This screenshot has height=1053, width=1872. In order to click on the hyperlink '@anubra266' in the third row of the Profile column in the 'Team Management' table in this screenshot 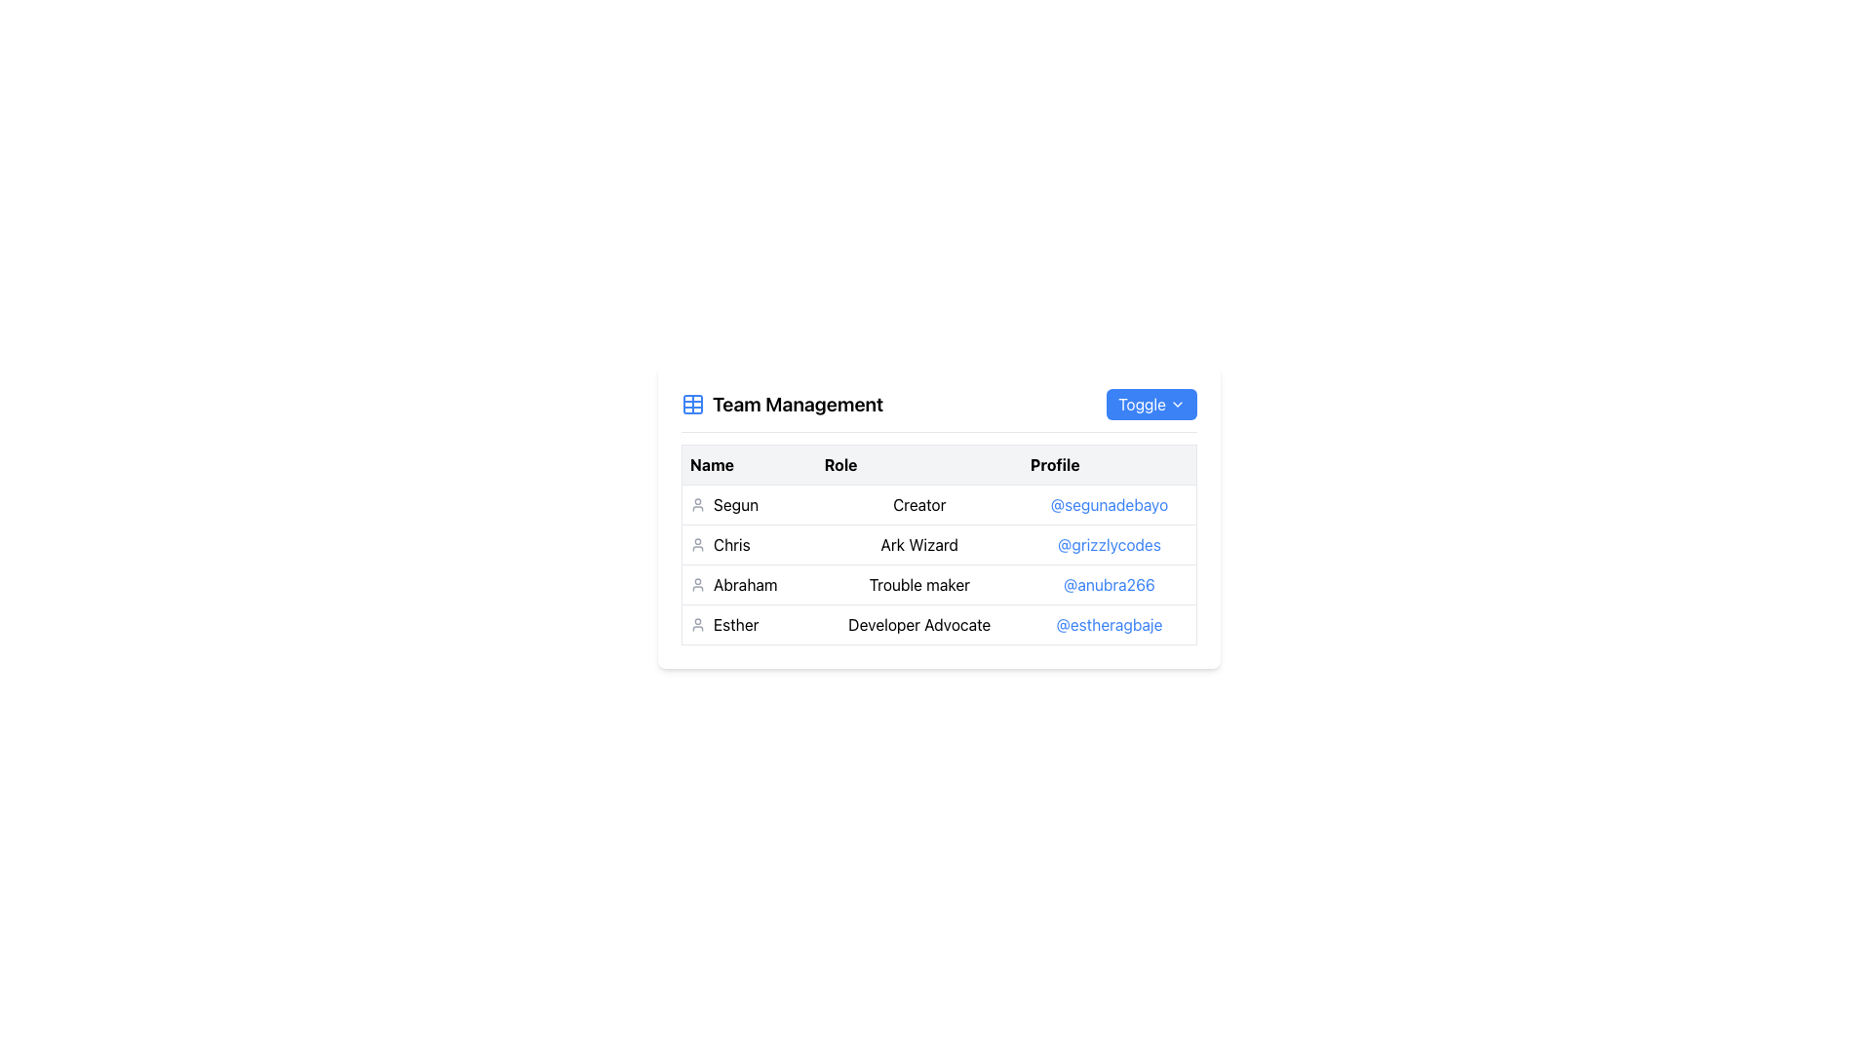, I will do `click(1110, 584)`.